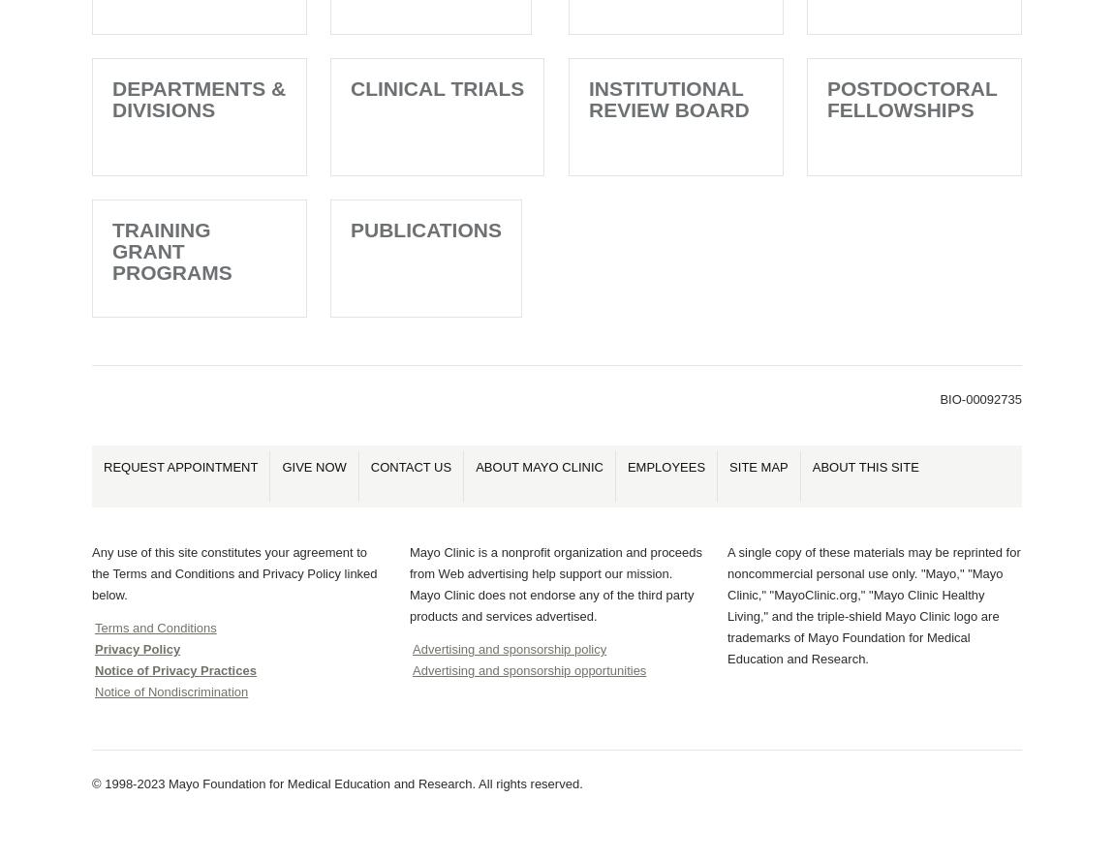 This screenshot has height=860, width=1114. Describe the element at coordinates (667, 98) in the screenshot. I see `'Institutional Review Board'` at that location.